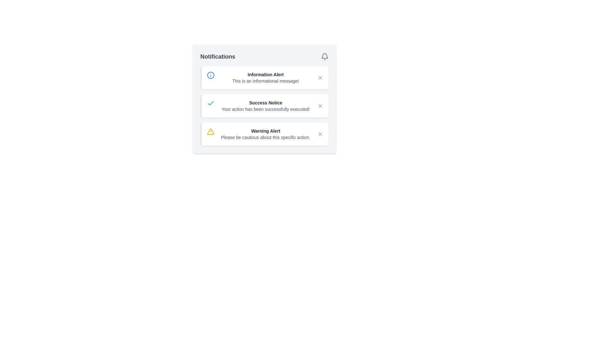 The height and width of the screenshot is (346, 615). Describe the element at coordinates (266, 134) in the screenshot. I see `the warning notification that displays 'Warning Alert' and 'Please be cautious about this specific action.'` at that location.